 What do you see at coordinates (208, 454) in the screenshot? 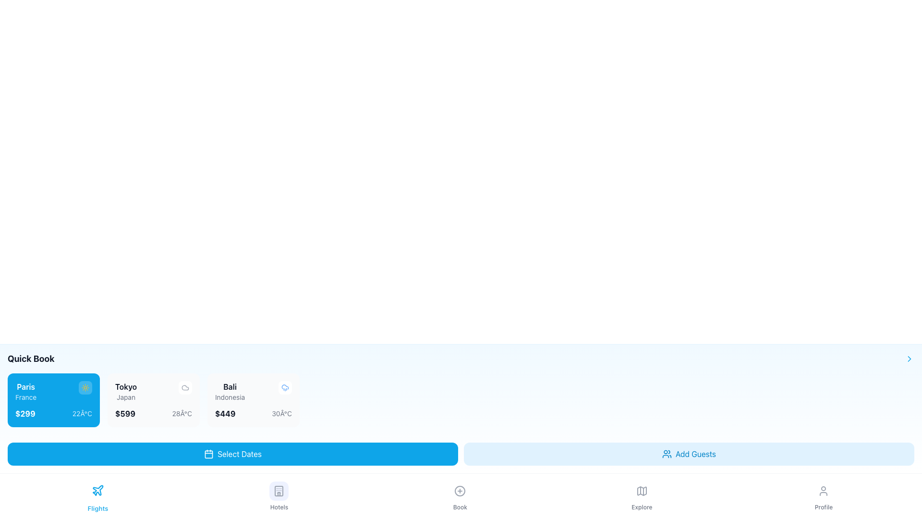
I see `the wireframe calendar icon located on the left side of the 'Select Dates' button in the navigation bar` at bounding box center [208, 454].